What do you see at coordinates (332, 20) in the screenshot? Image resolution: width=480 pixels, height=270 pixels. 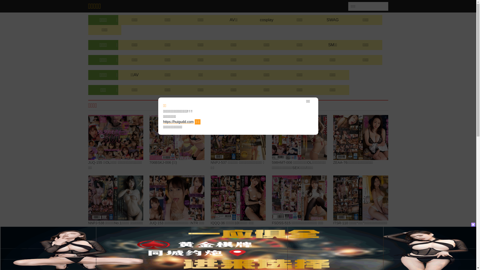 I see `'SWAG'` at bounding box center [332, 20].